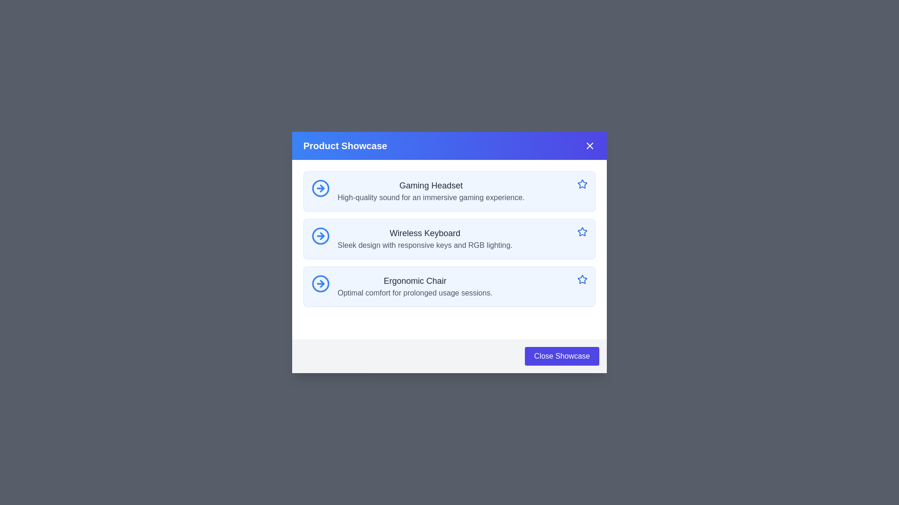 Image resolution: width=899 pixels, height=505 pixels. I want to click on text of the label for the third selectable product item, which is positioned between 'Wireless Keyboard' and 'Close Showcase', so click(414, 281).